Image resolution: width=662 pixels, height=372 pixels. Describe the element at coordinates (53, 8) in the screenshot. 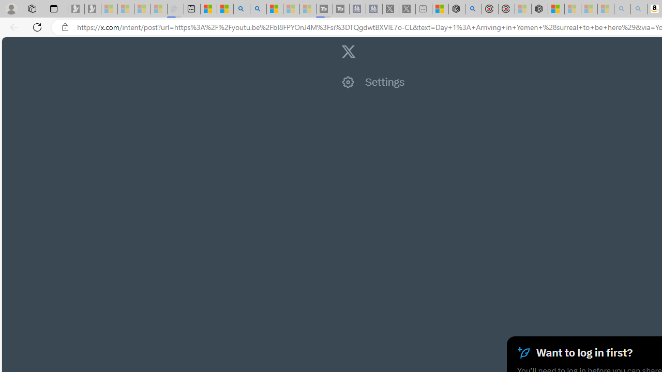

I see `'Tab actions menu'` at that location.